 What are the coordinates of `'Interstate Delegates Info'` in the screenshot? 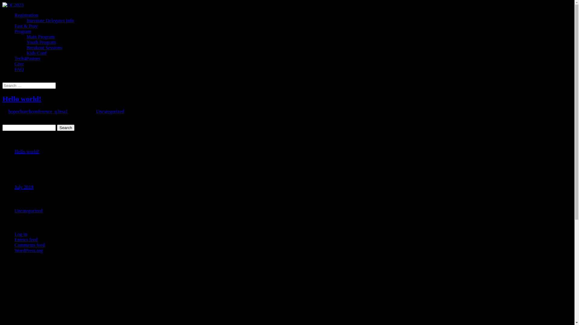 It's located at (50, 20).